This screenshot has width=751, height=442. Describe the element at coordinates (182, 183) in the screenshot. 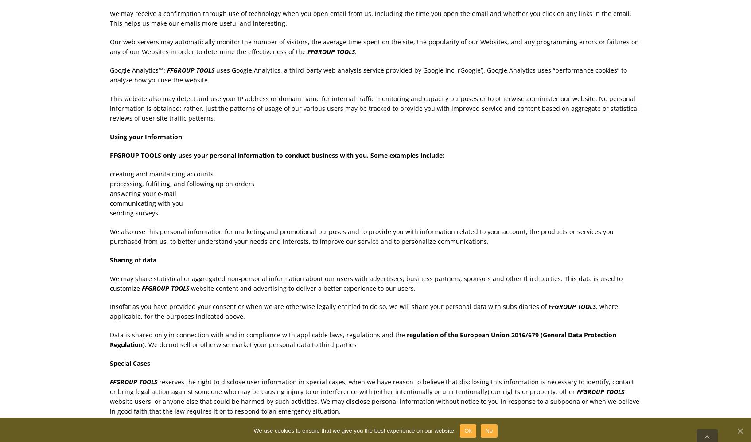

I see `'processing, fulfilling, and following up on orders'` at that location.